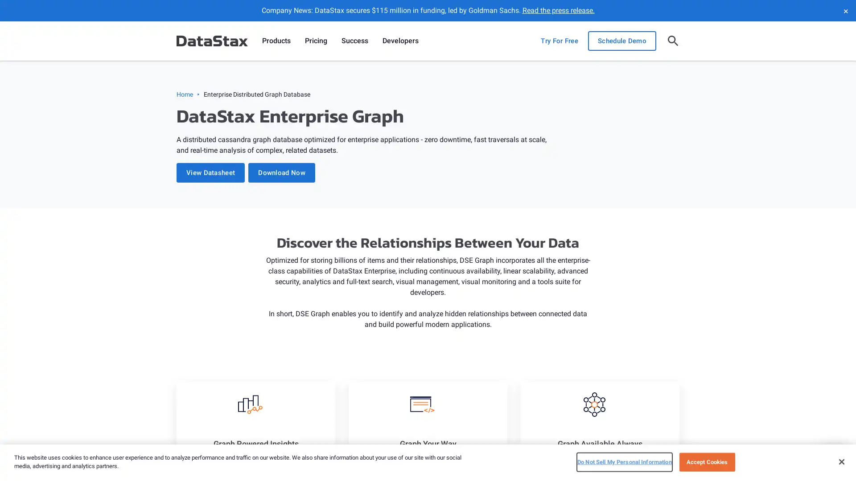 The image size is (856, 481). I want to click on Accept Cookies, so click(706, 461).